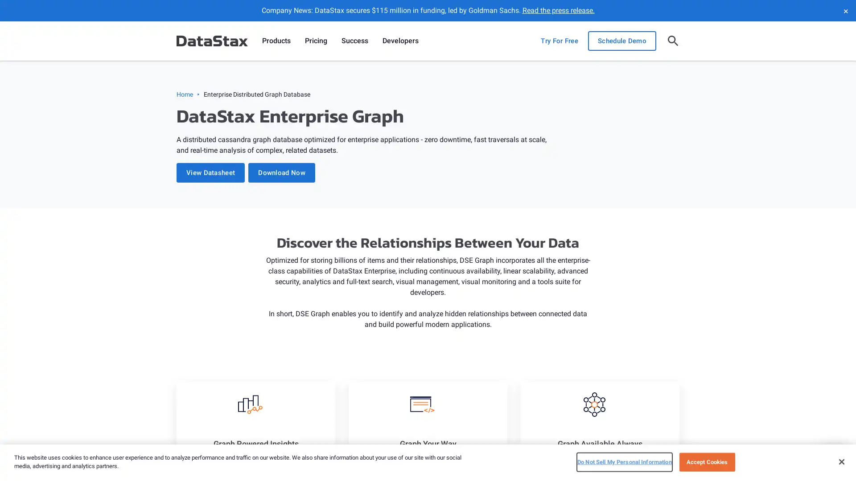 The image size is (856, 481). I want to click on Accept Cookies, so click(706, 461).